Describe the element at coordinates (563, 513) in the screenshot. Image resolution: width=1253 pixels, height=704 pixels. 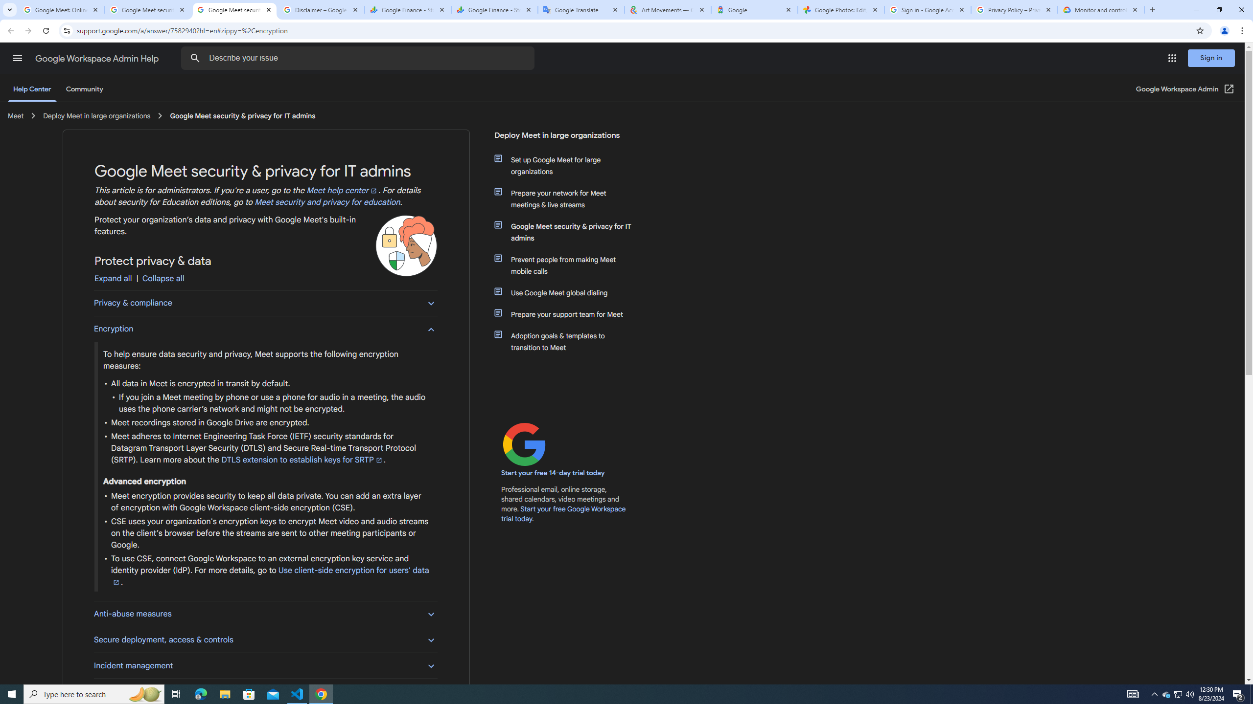
I see `'Start your free Google Workspace trial today'` at that location.